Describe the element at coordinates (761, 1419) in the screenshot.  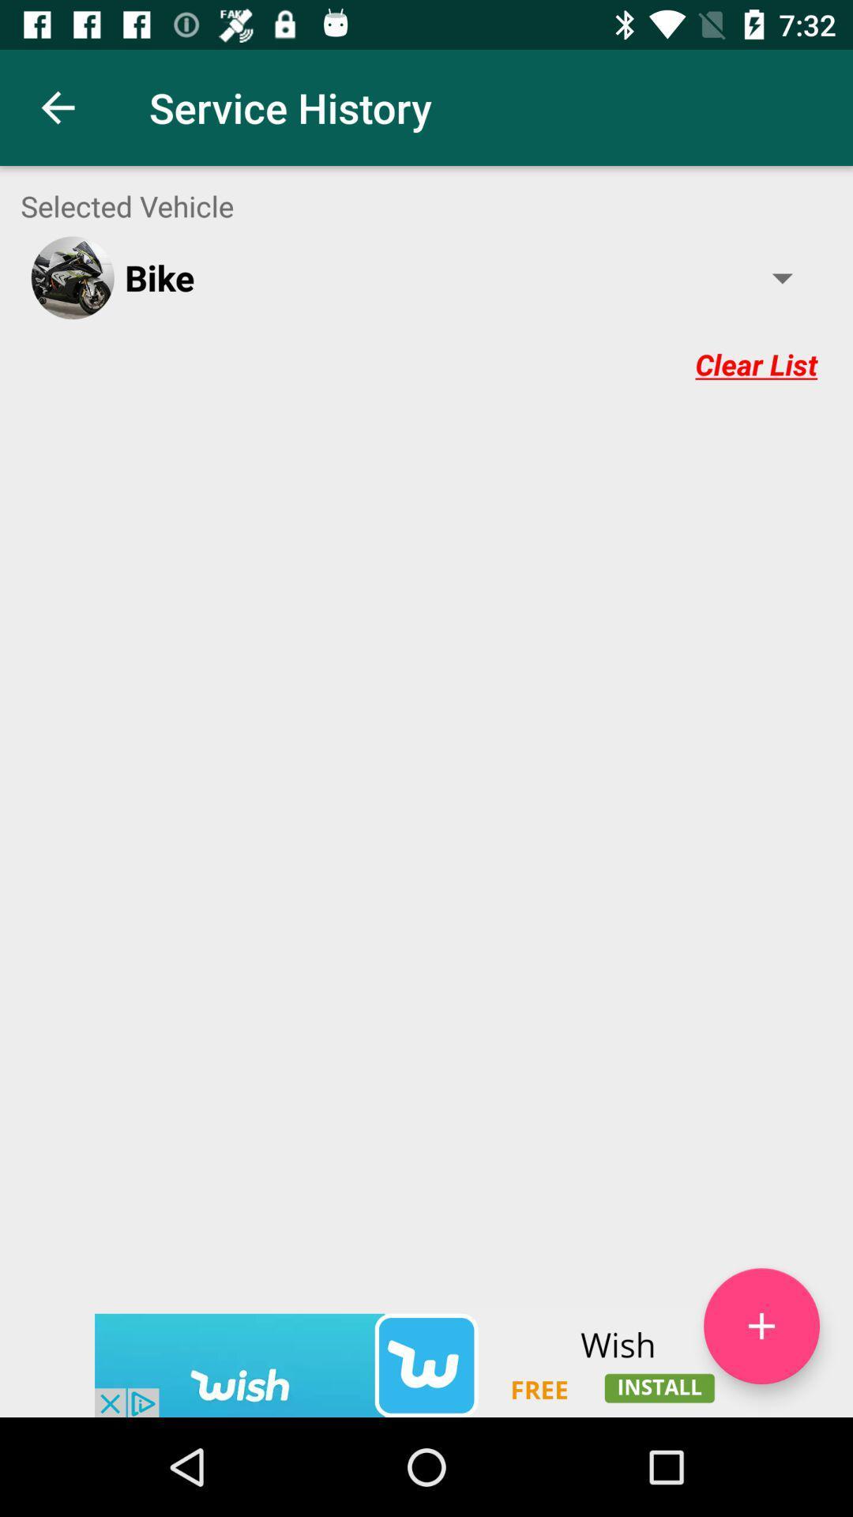
I see `the add icon` at that location.